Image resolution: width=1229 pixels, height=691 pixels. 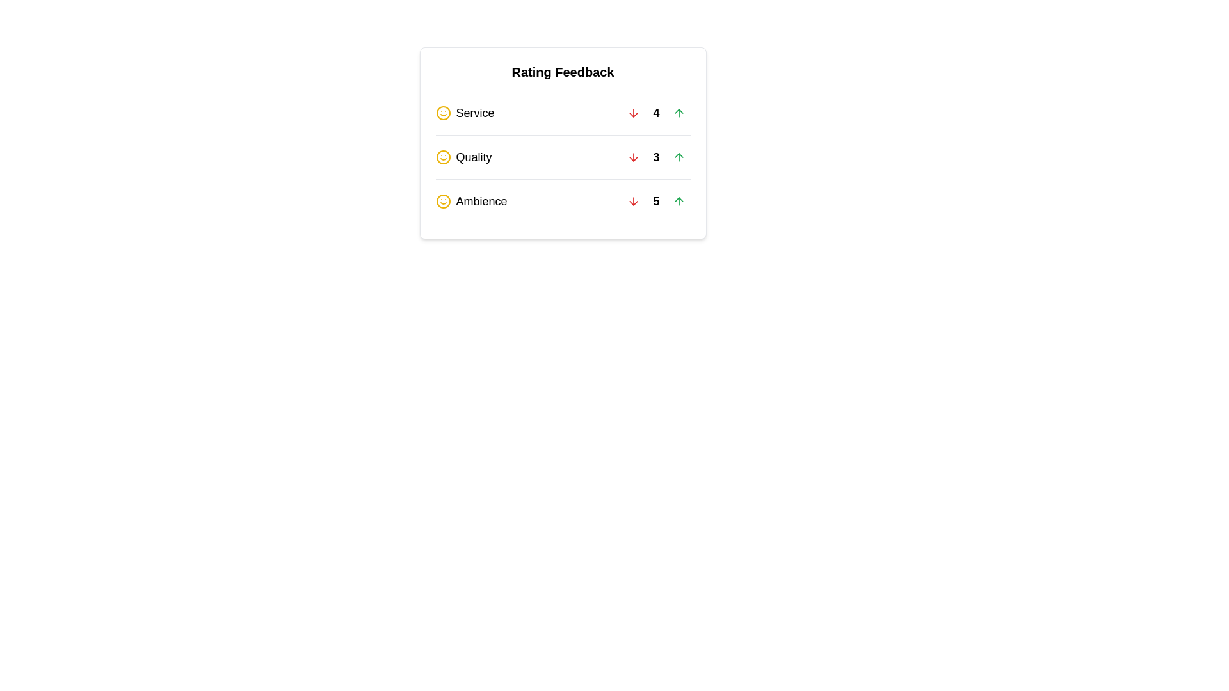 What do you see at coordinates (634, 202) in the screenshot?
I see `the downward arrow icon in the 'Ambience' row of the 'Rating Feedback' card` at bounding box center [634, 202].